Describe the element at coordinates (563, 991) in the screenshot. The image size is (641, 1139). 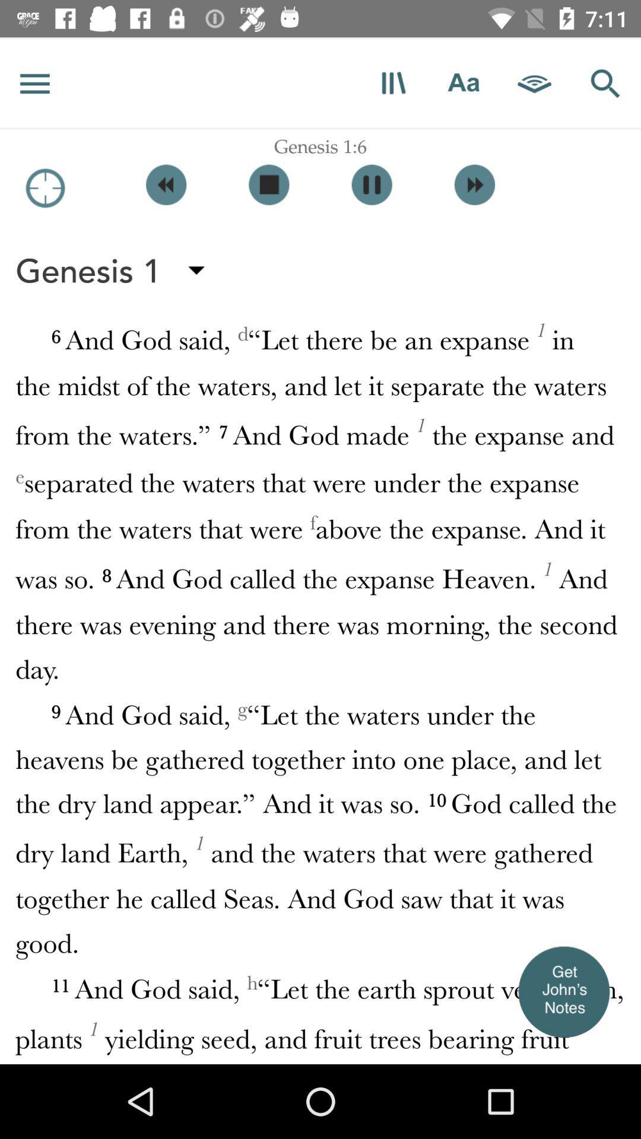
I see `get john 's notes` at that location.